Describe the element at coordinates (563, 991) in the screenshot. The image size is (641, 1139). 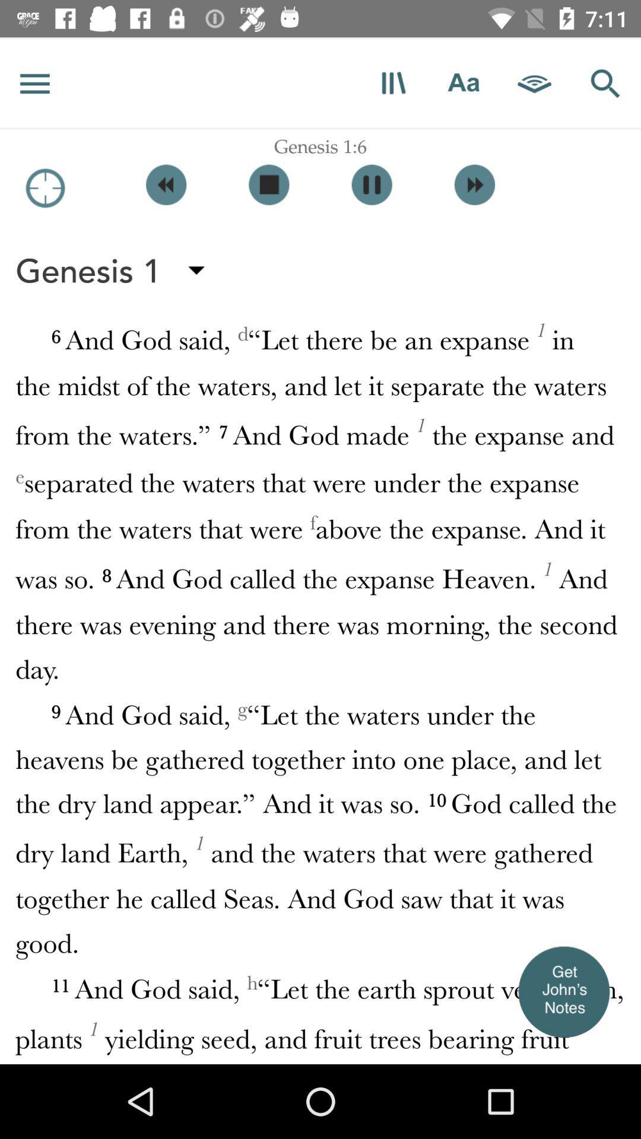
I see `get john 's notes` at that location.